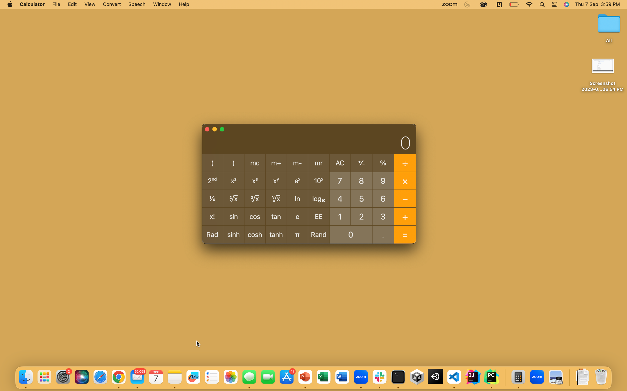 Image resolution: width=627 pixels, height=391 pixels. What do you see at coordinates (361, 198) in the screenshot?
I see `Execute division of number 5 and -1 using pyautogui commands` at bounding box center [361, 198].